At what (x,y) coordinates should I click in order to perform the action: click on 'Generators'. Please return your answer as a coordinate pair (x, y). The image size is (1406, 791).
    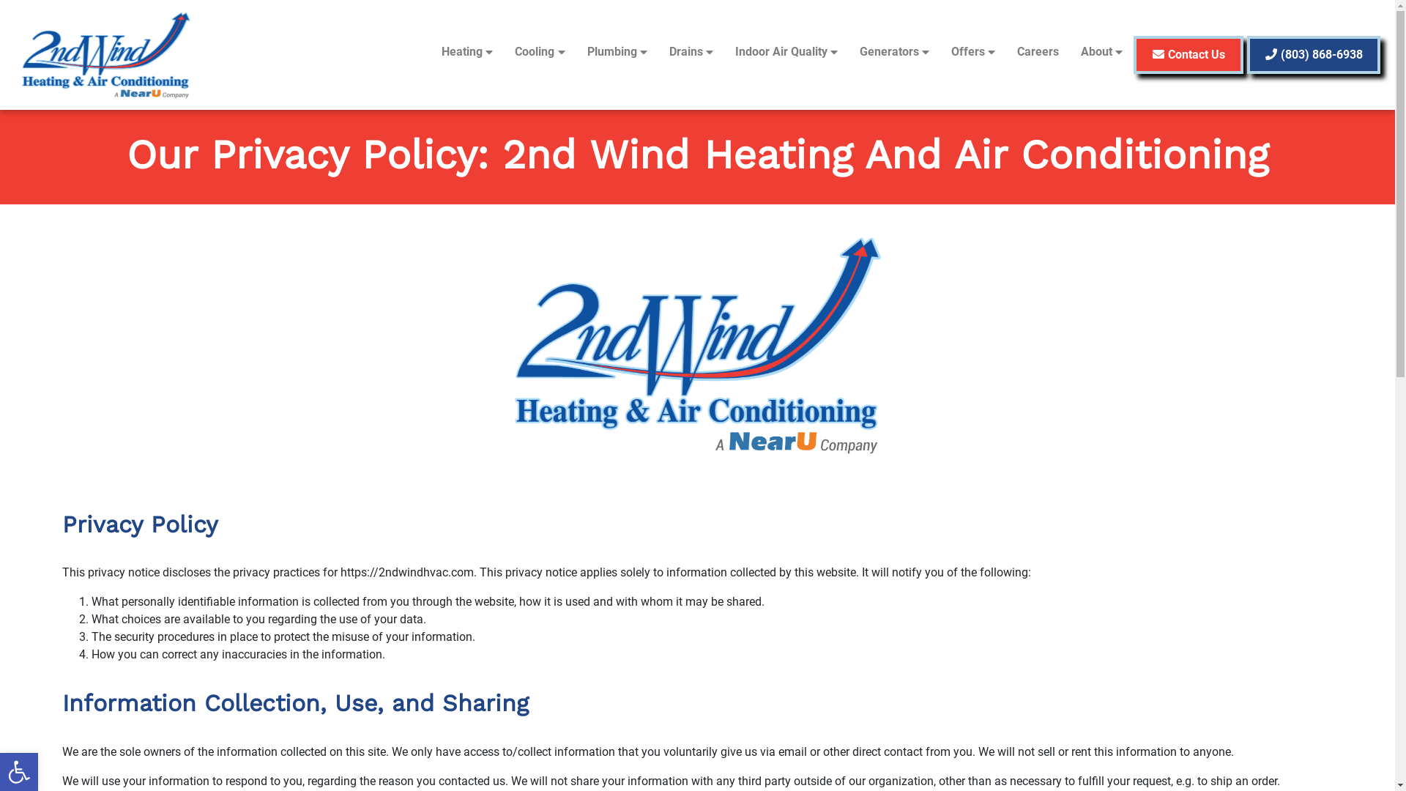
    Looking at the image, I should click on (893, 51).